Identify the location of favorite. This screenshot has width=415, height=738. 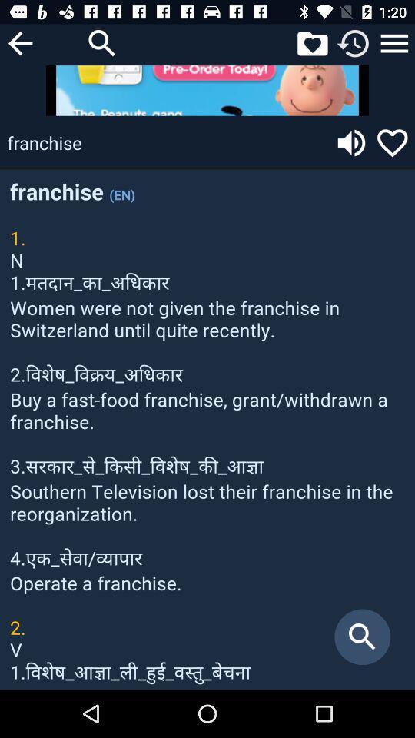
(392, 142).